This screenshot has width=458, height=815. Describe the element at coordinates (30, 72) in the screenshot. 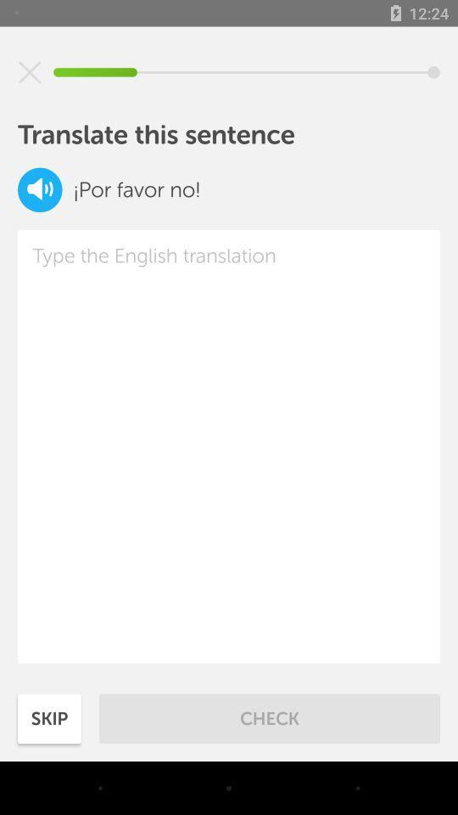

I see `exit that sentence` at that location.